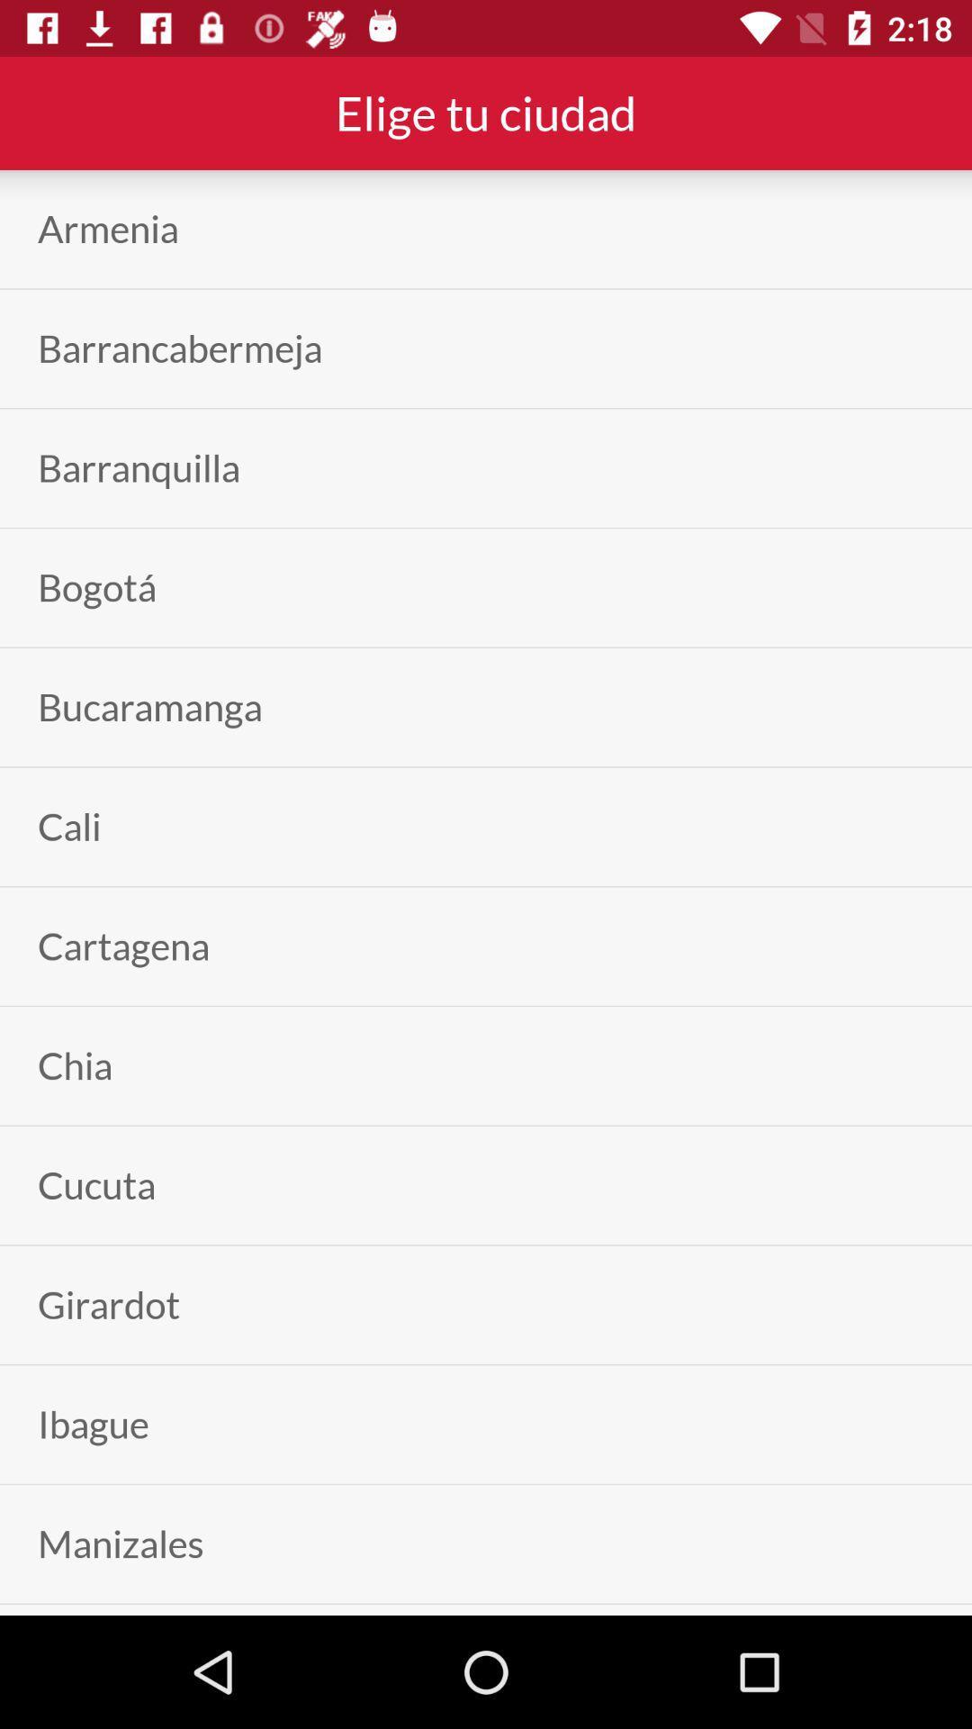 Image resolution: width=972 pixels, height=1729 pixels. I want to click on cali icon, so click(68, 826).